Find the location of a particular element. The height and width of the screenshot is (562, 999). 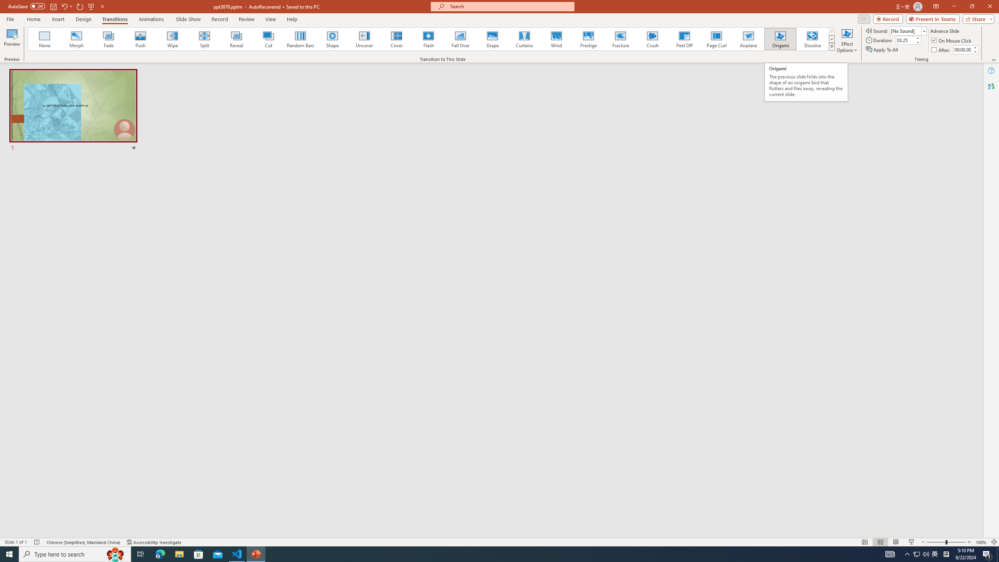

'Uncover' is located at coordinates (364, 39).